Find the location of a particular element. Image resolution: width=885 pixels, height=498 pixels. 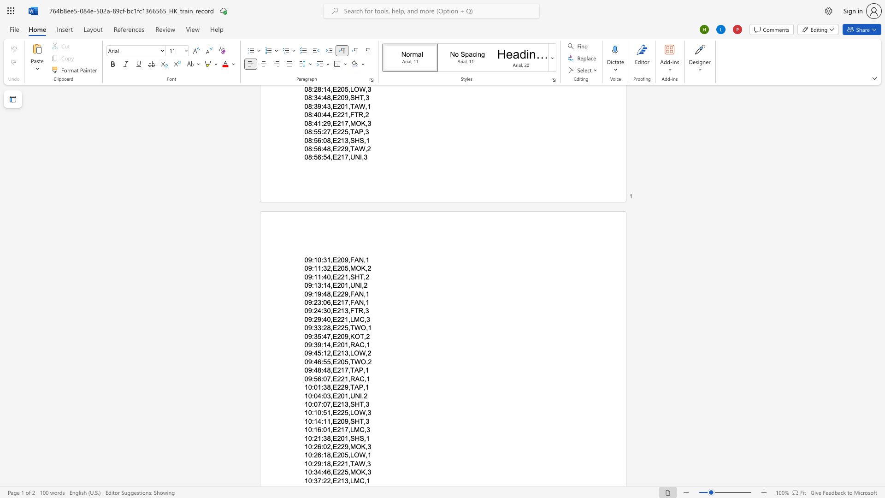

the subset text "4,E201," within the text "09:39:14,E201,RAC,1" is located at coordinates (327, 345).